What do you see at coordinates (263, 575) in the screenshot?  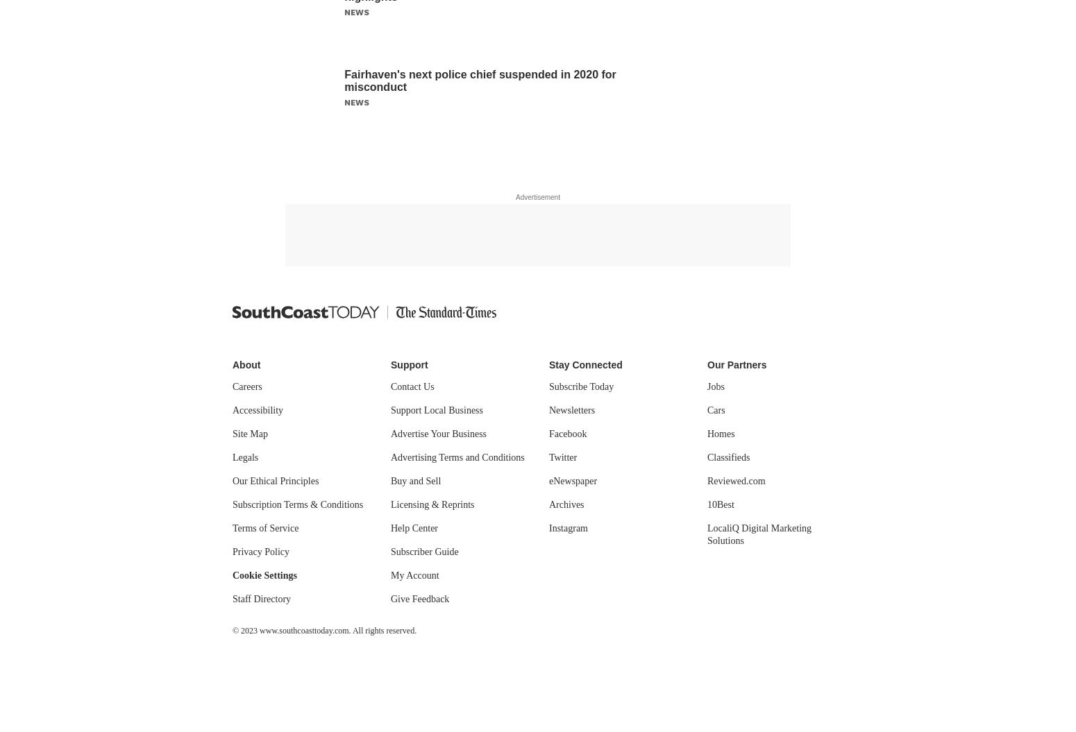 I see `'Cookie Settings'` at bounding box center [263, 575].